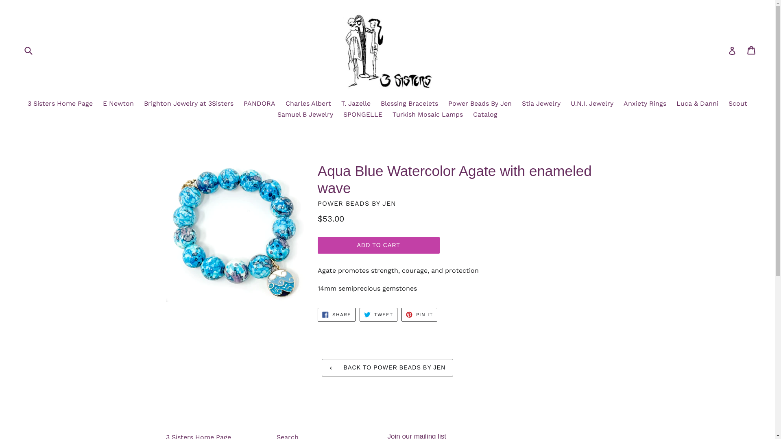 The image size is (781, 439). What do you see at coordinates (356, 103) in the screenshot?
I see `'T. Jazelle'` at bounding box center [356, 103].